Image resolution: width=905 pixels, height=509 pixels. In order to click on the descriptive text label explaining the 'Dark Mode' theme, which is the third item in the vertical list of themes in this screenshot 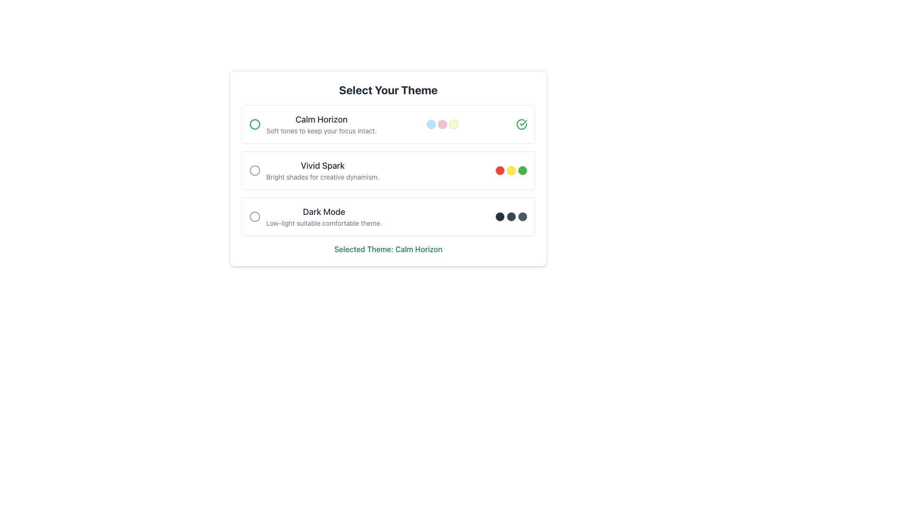, I will do `click(324, 223)`.